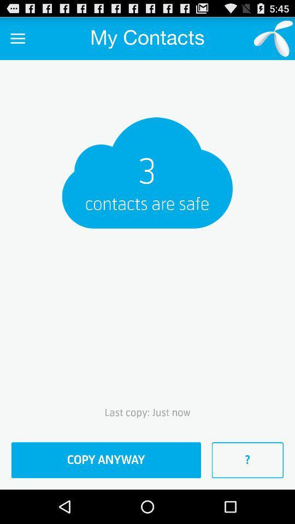 This screenshot has width=295, height=524. What do you see at coordinates (247, 460) in the screenshot?
I see `the item to the right of the copy anyway` at bounding box center [247, 460].